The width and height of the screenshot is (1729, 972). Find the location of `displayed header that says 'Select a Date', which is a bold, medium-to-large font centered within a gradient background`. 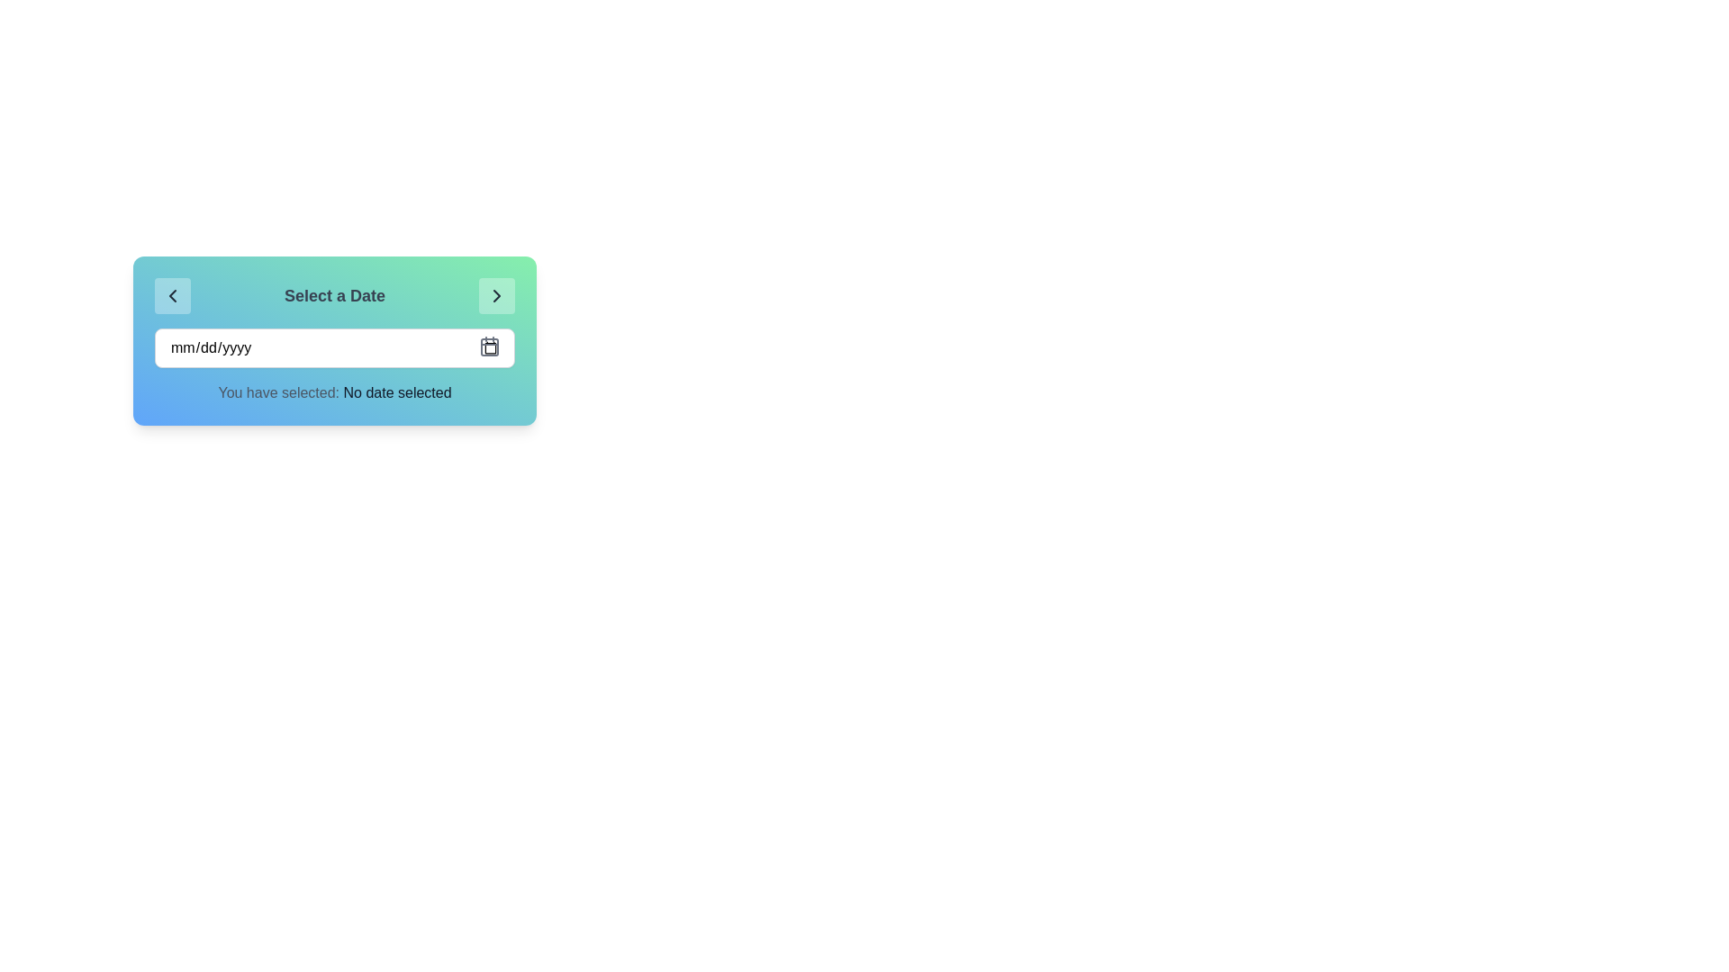

displayed header that says 'Select a Date', which is a bold, medium-to-large font centered within a gradient background is located at coordinates (335, 294).